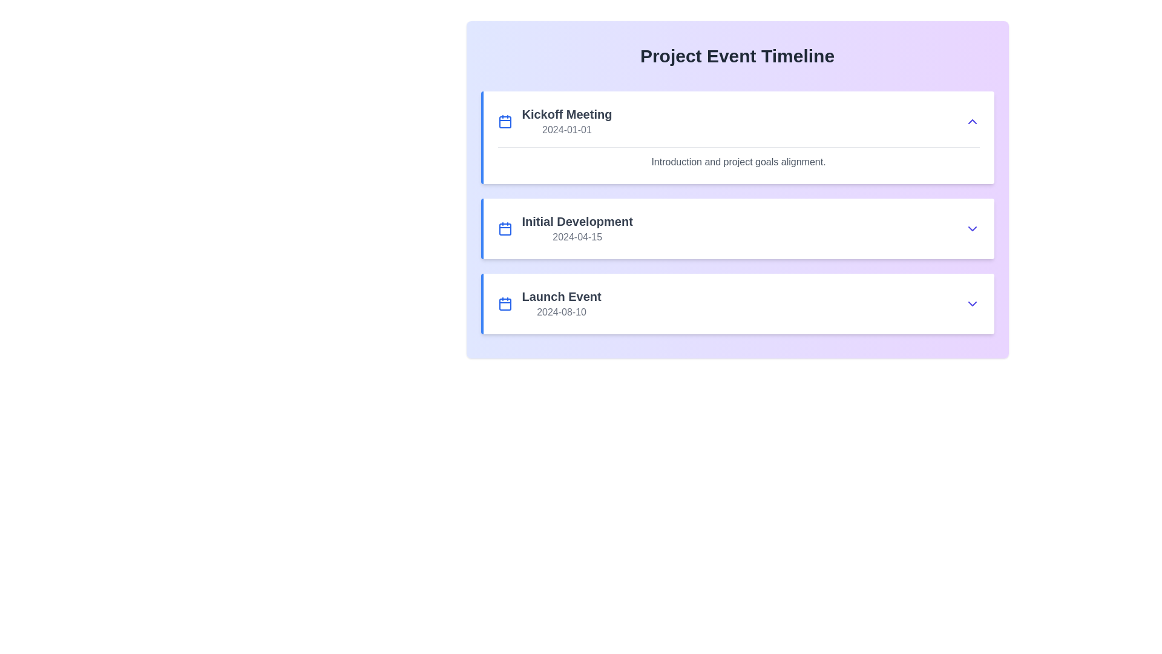 This screenshot has width=1162, height=654. I want to click on the dropdown toggle button located on the right side of the 'Initial Development' section in the 'Project Event Timeline' interface, so click(972, 229).